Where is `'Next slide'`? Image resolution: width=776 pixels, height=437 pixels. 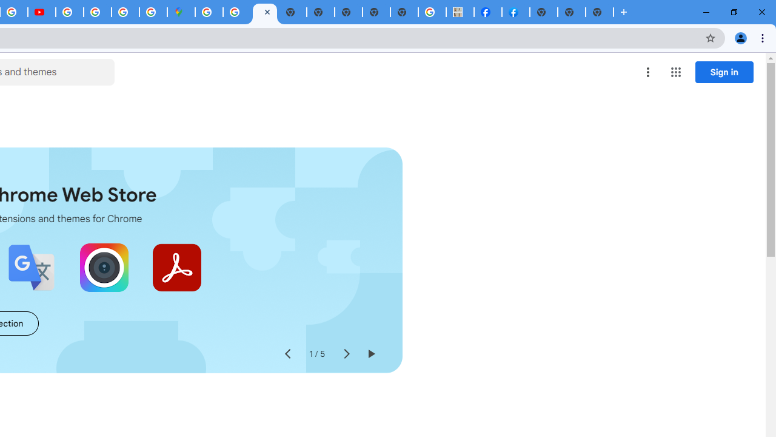 'Next slide' is located at coordinates (345, 354).